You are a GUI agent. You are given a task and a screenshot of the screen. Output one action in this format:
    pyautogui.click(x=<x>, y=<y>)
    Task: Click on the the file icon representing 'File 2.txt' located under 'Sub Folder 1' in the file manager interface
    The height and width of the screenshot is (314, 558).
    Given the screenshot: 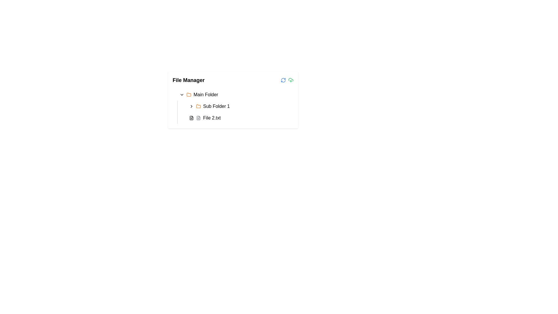 What is the action you would take?
    pyautogui.click(x=191, y=118)
    